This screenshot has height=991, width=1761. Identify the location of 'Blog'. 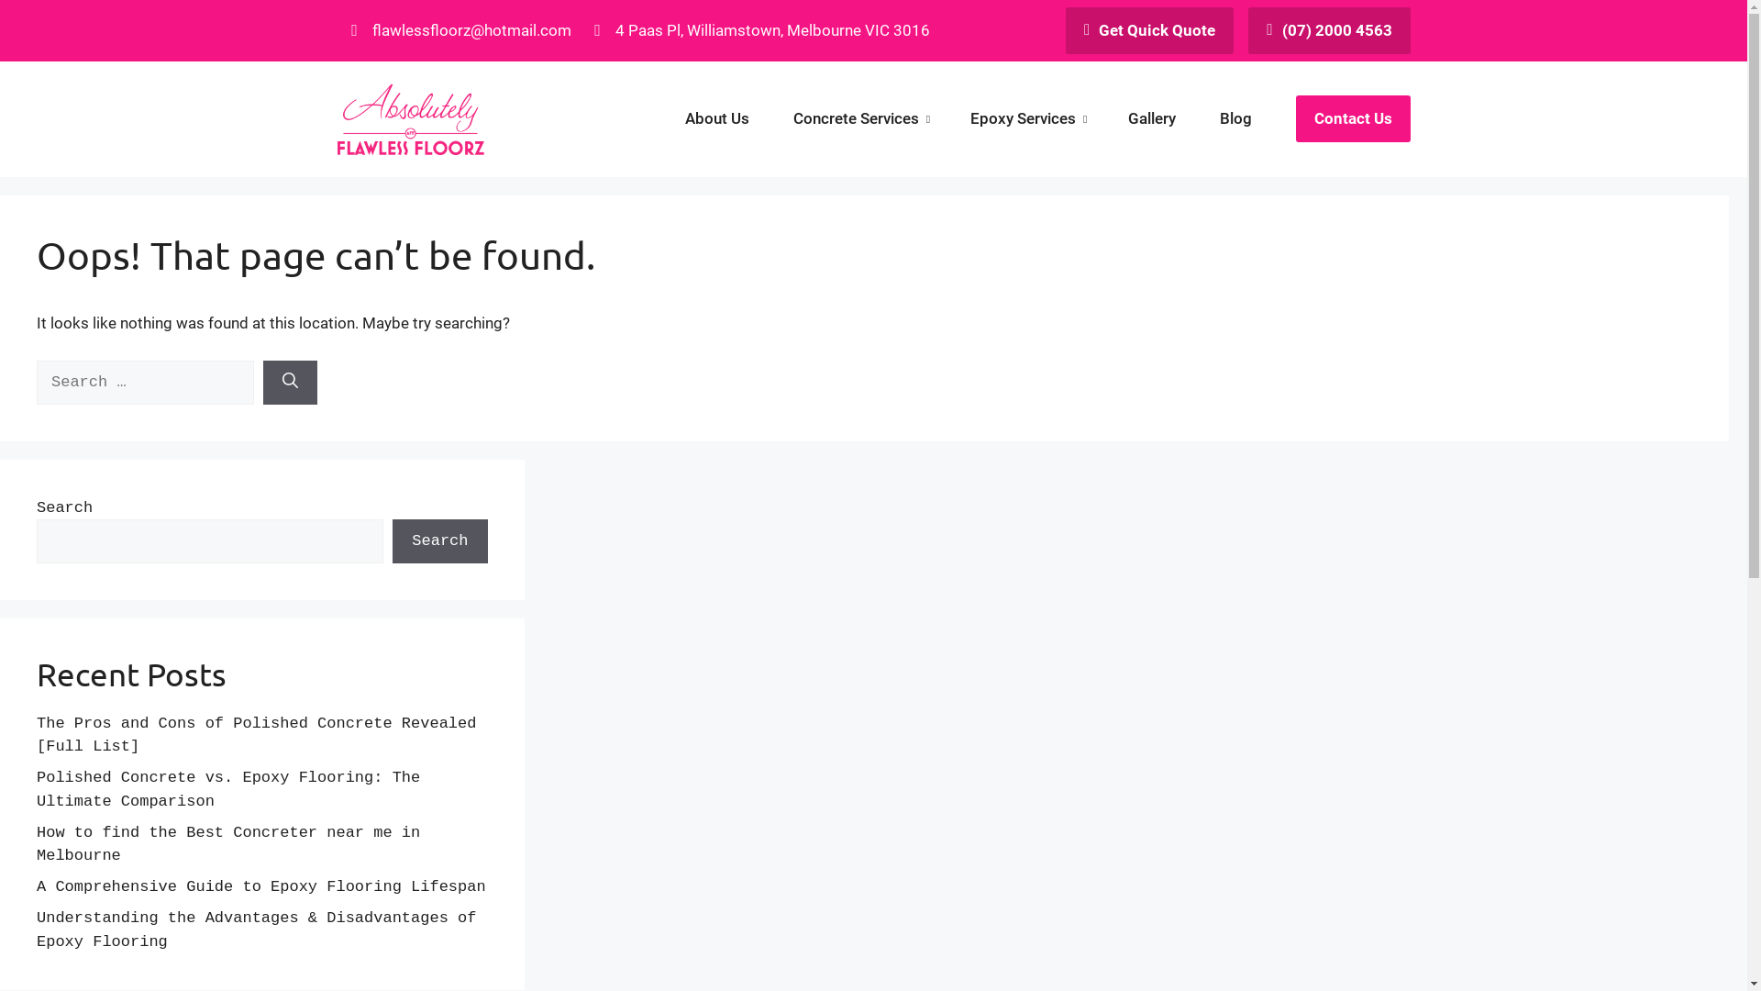
(1235, 119).